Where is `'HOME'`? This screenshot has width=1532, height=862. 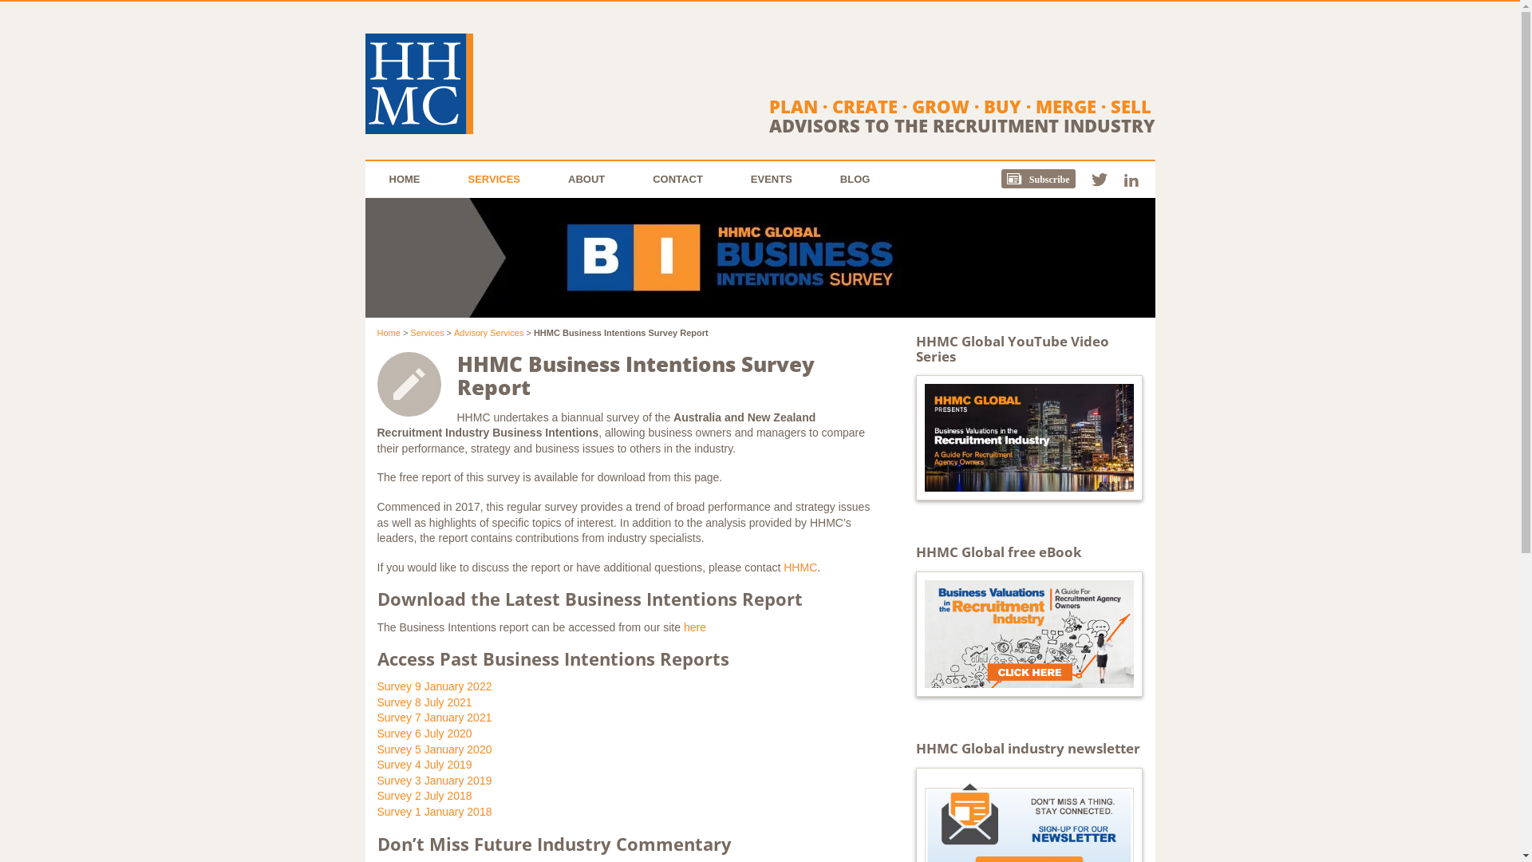
'HOME' is located at coordinates (405, 179).